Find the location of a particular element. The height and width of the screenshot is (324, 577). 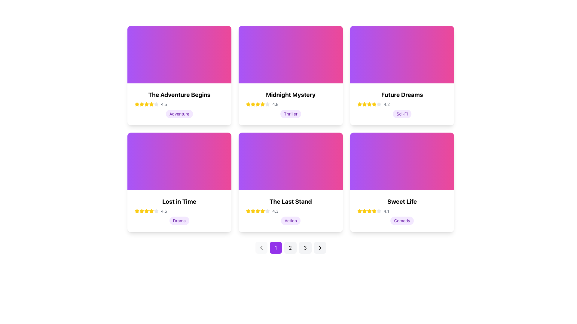

the content card titled 'Lost in Time' located in the second row, first column of the grid layout is located at coordinates (179, 182).